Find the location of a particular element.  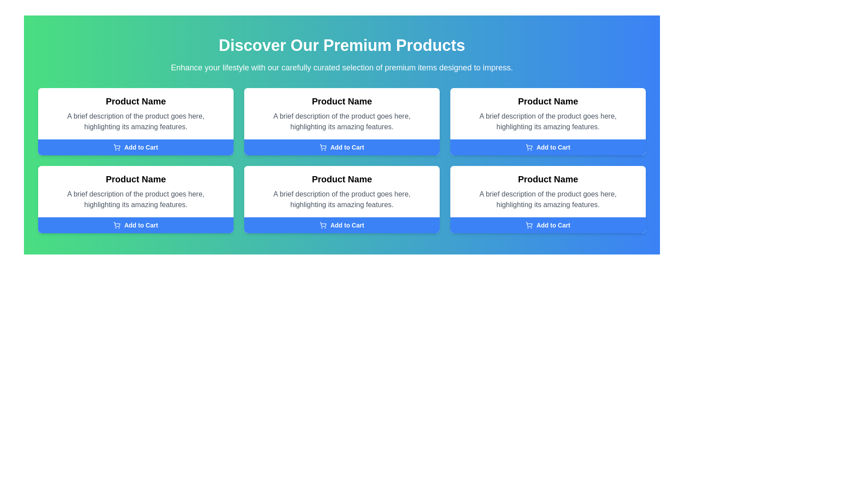

the 'Add to Cart' icon located on the left side of the button within the second column of the top row among six product boxes is located at coordinates (529, 146).